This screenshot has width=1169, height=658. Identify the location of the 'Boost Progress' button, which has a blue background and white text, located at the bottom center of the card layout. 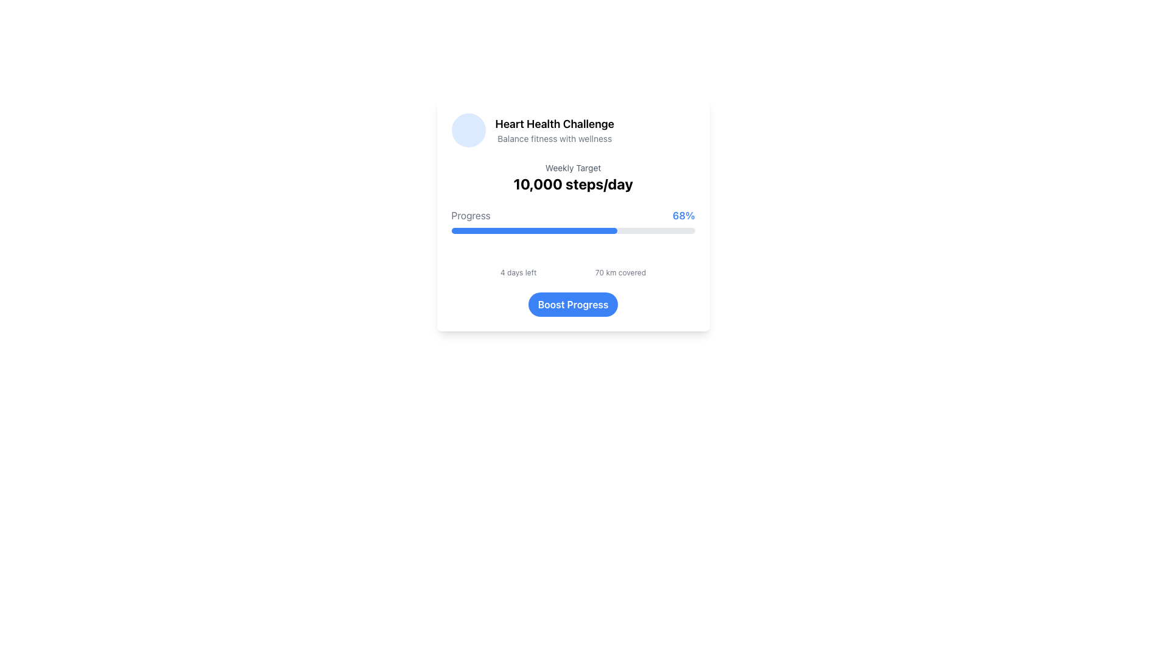
(572, 304).